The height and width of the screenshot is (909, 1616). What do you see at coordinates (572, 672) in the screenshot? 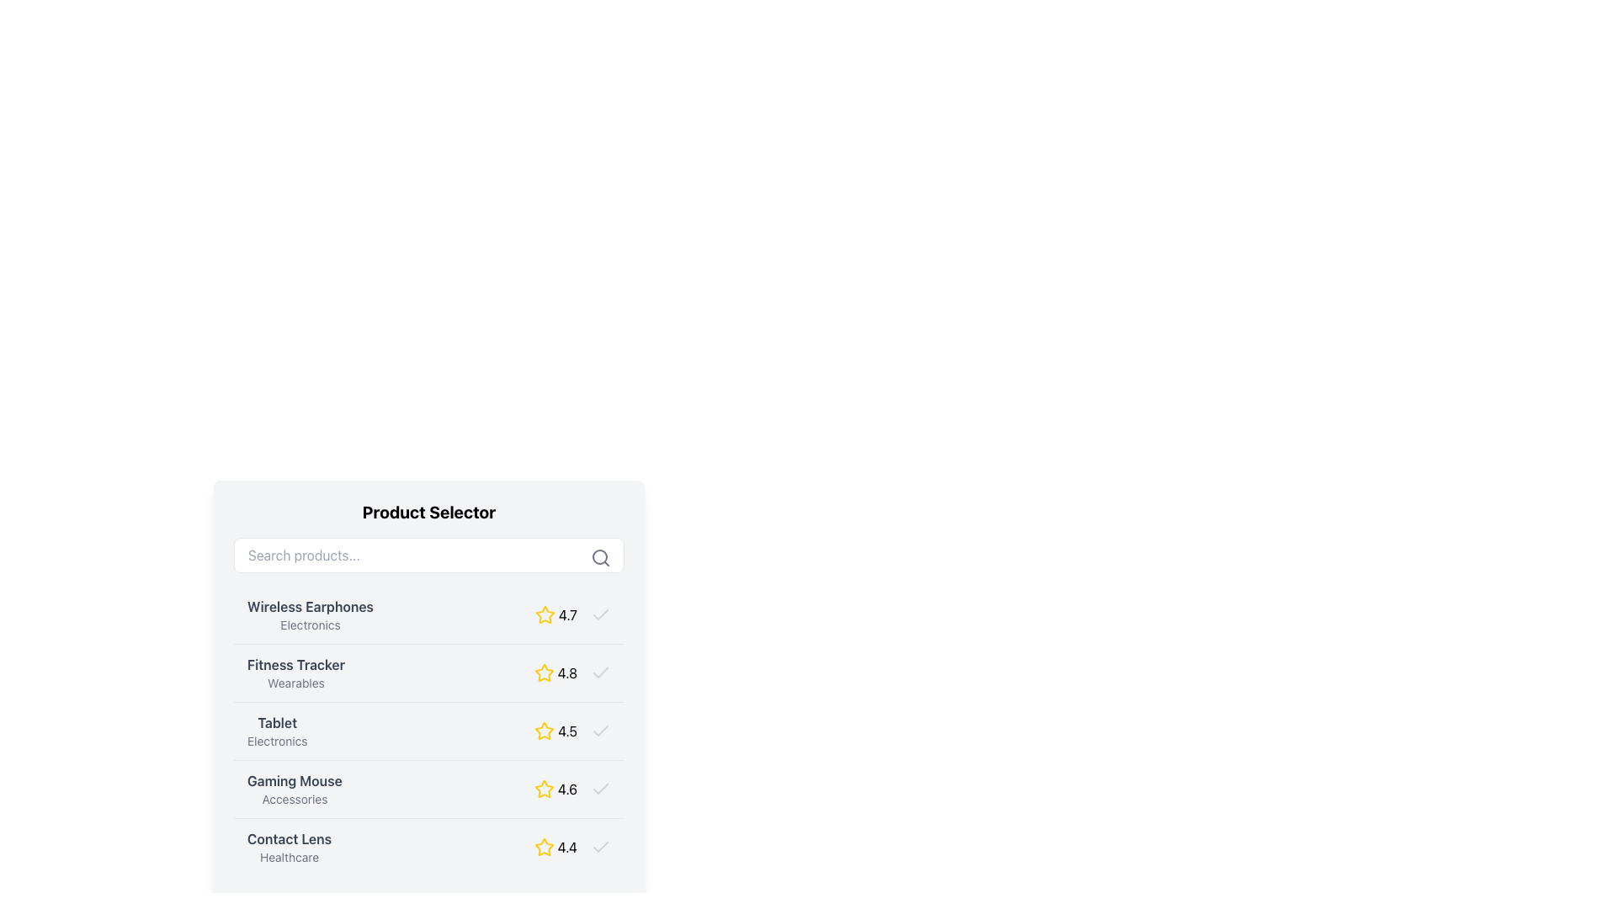
I see `the Rating Indicator displaying the rating for 'Fitness Tracker' located to the right of its text in the list interface` at bounding box center [572, 672].